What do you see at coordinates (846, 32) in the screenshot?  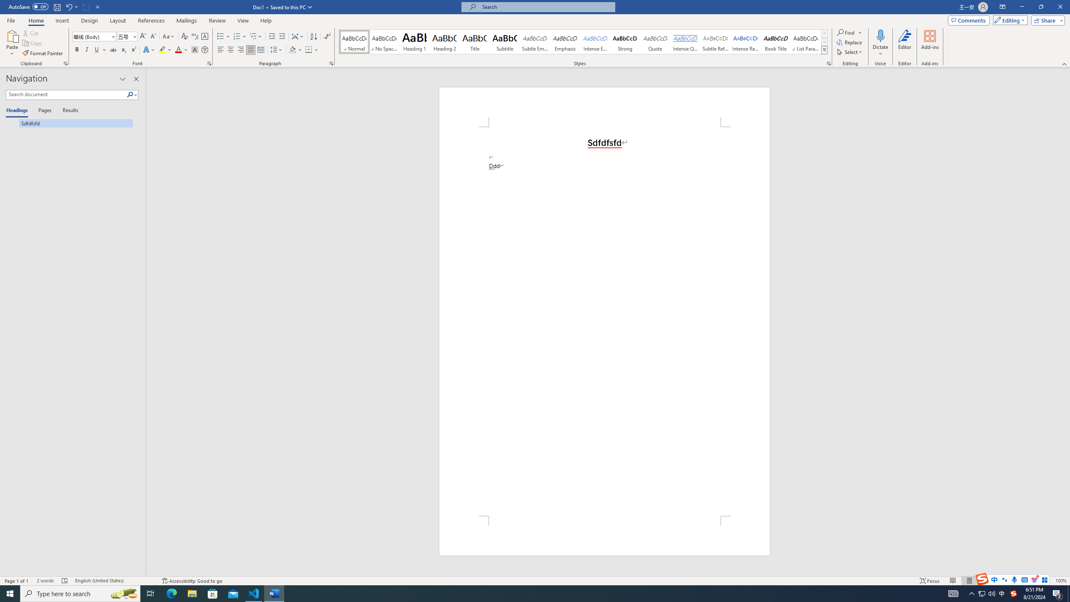 I see `'Find'` at bounding box center [846, 32].